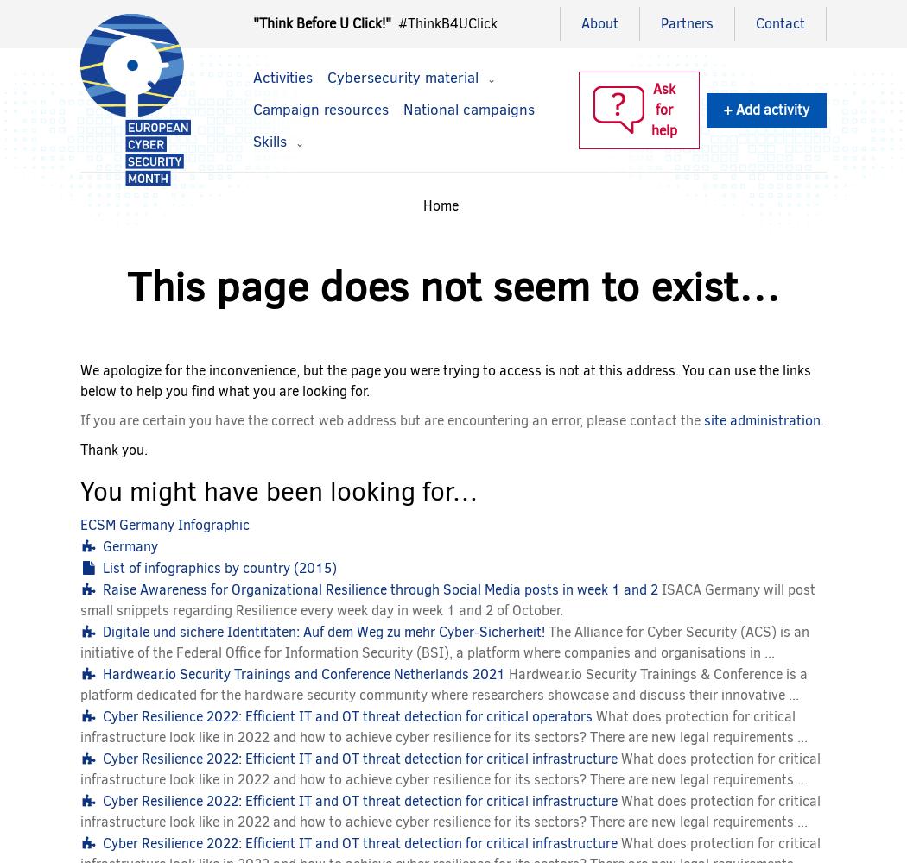 Image resolution: width=907 pixels, height=863 pixels. I want to click on 'site administration', so click(761, 419).